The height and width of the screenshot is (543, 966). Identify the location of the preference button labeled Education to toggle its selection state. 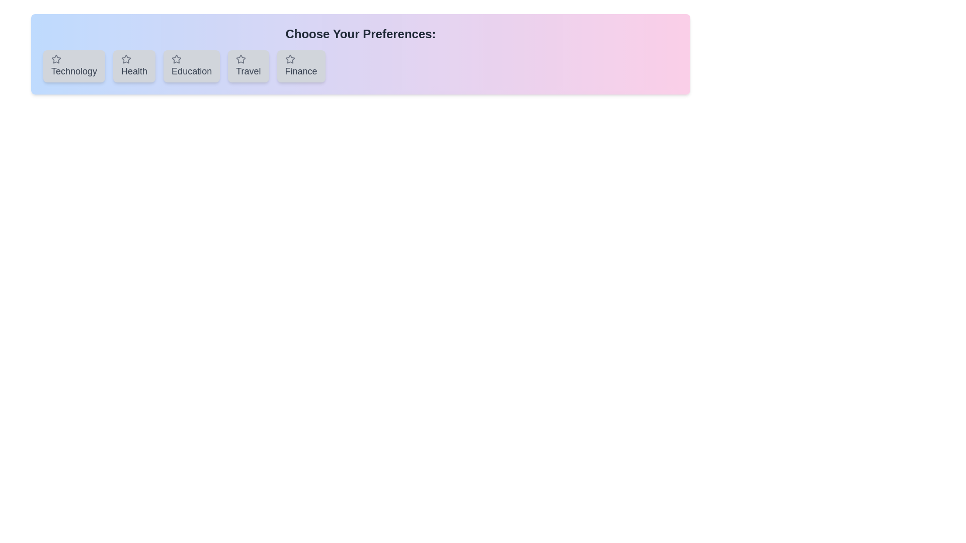
(192, 66).